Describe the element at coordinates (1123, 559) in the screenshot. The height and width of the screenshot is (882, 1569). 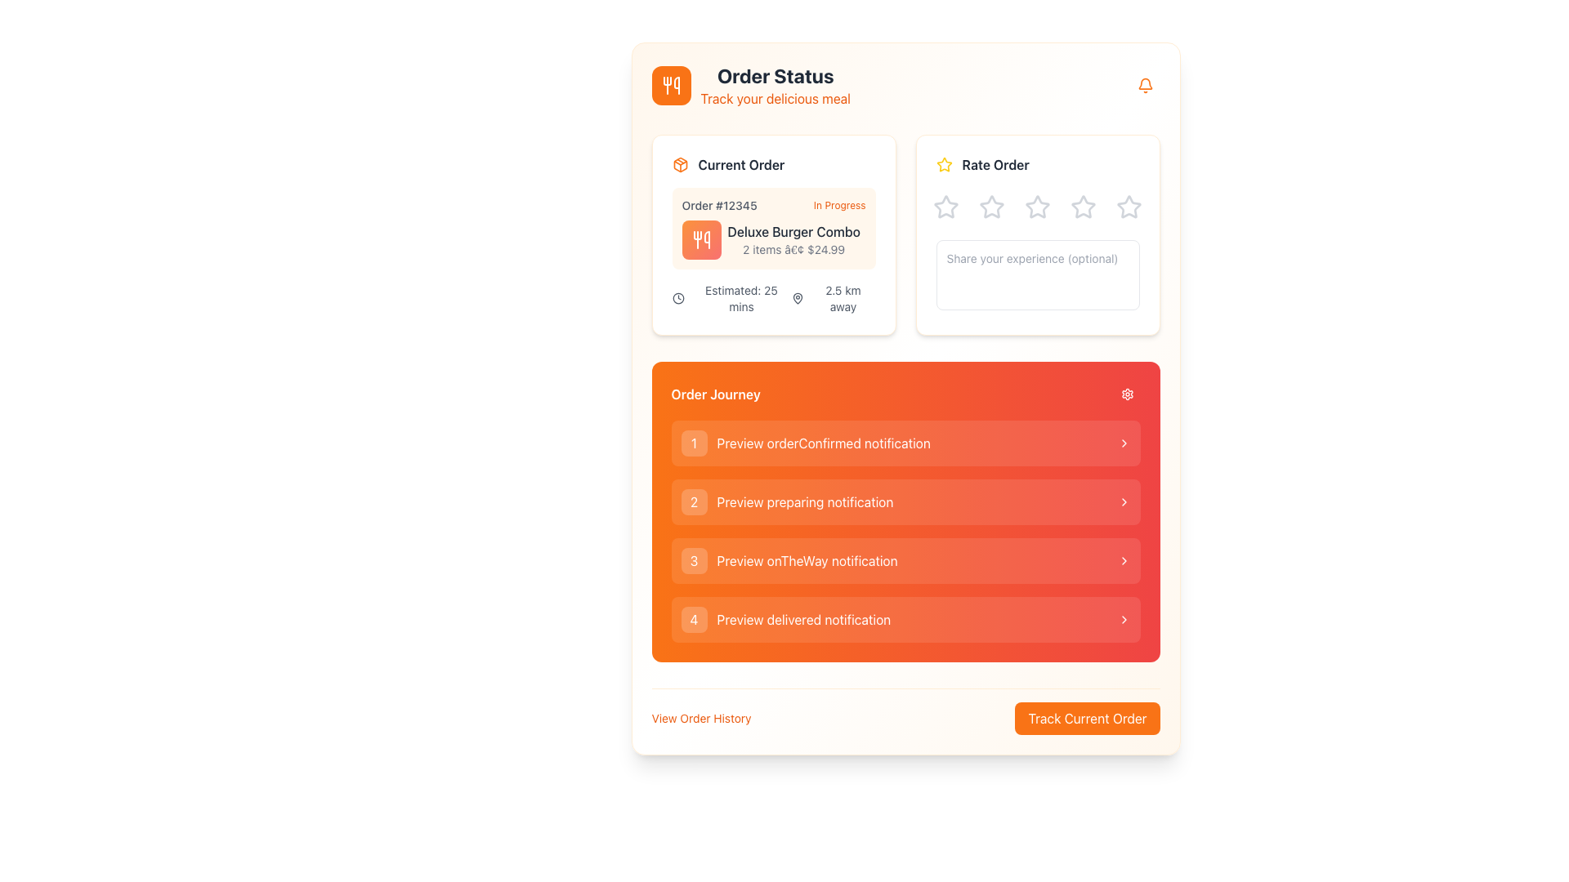
I see `the right-facing chevron icon, which is the last element in the 'Order Journey' section` at that location.